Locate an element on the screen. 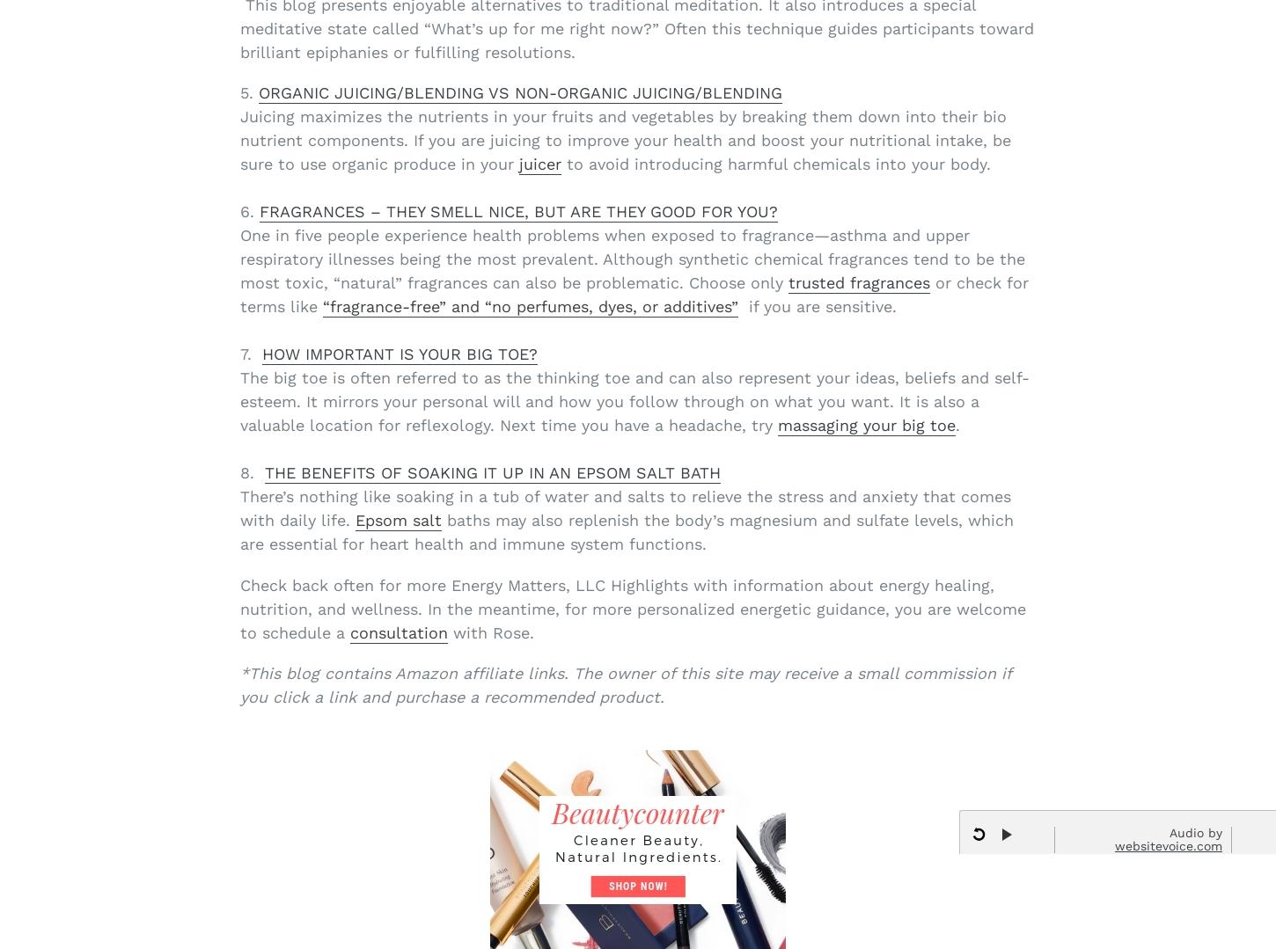 The height and width of the screenshot is (949, 1276). '“fragrance-free” and “no perfumes, dyes, or additives”' is located at coordinates (531, 306).